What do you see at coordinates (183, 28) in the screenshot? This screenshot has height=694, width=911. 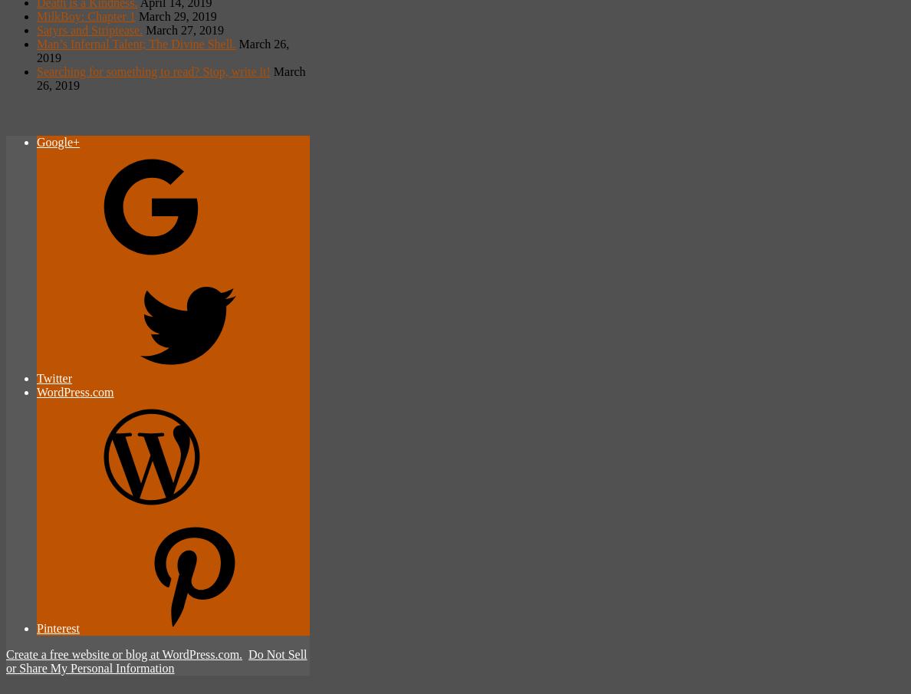 I see `'March 27, 2019'` at bounding box center [183, 28].